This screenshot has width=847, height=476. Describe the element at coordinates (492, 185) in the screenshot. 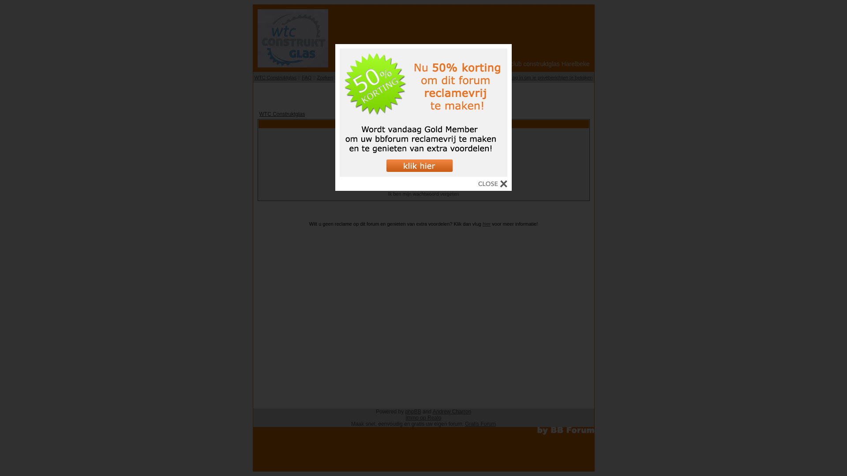

I see `'sluiten'` at that location.